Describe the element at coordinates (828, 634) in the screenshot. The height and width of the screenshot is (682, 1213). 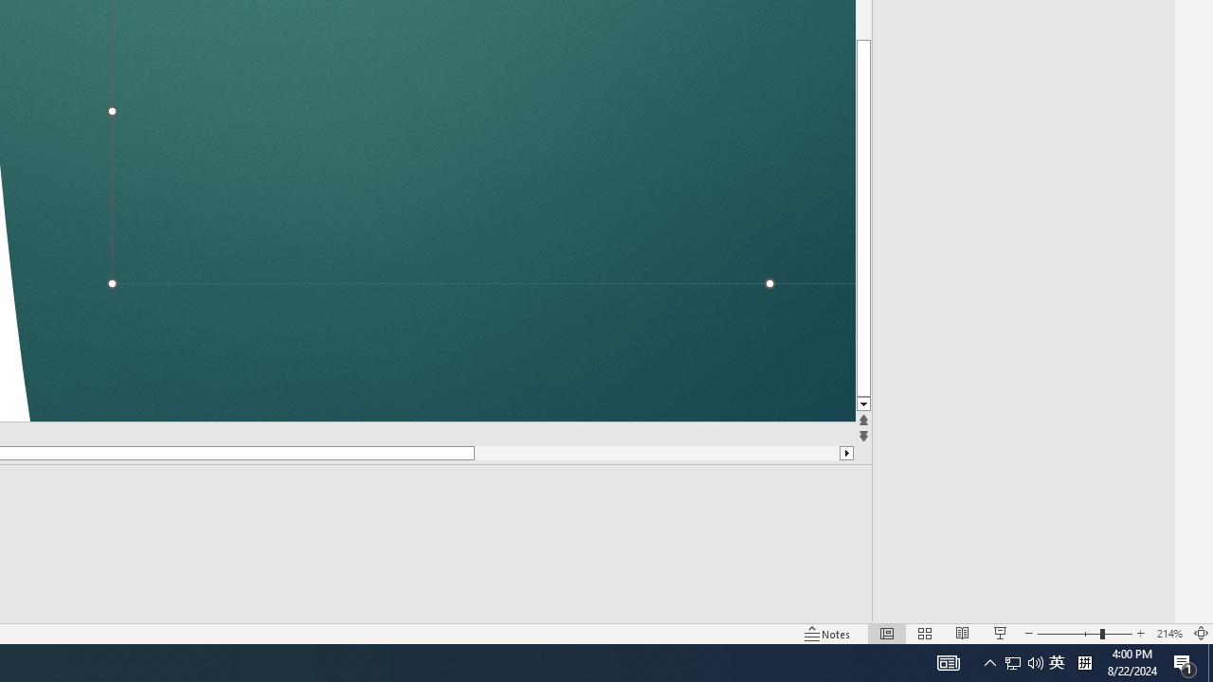
I see `'Notes '` at that location.